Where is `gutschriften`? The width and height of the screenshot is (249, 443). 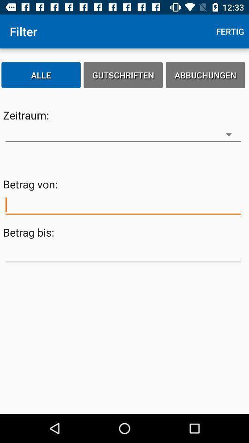
gutschriften is located at coordinates (123, 74).